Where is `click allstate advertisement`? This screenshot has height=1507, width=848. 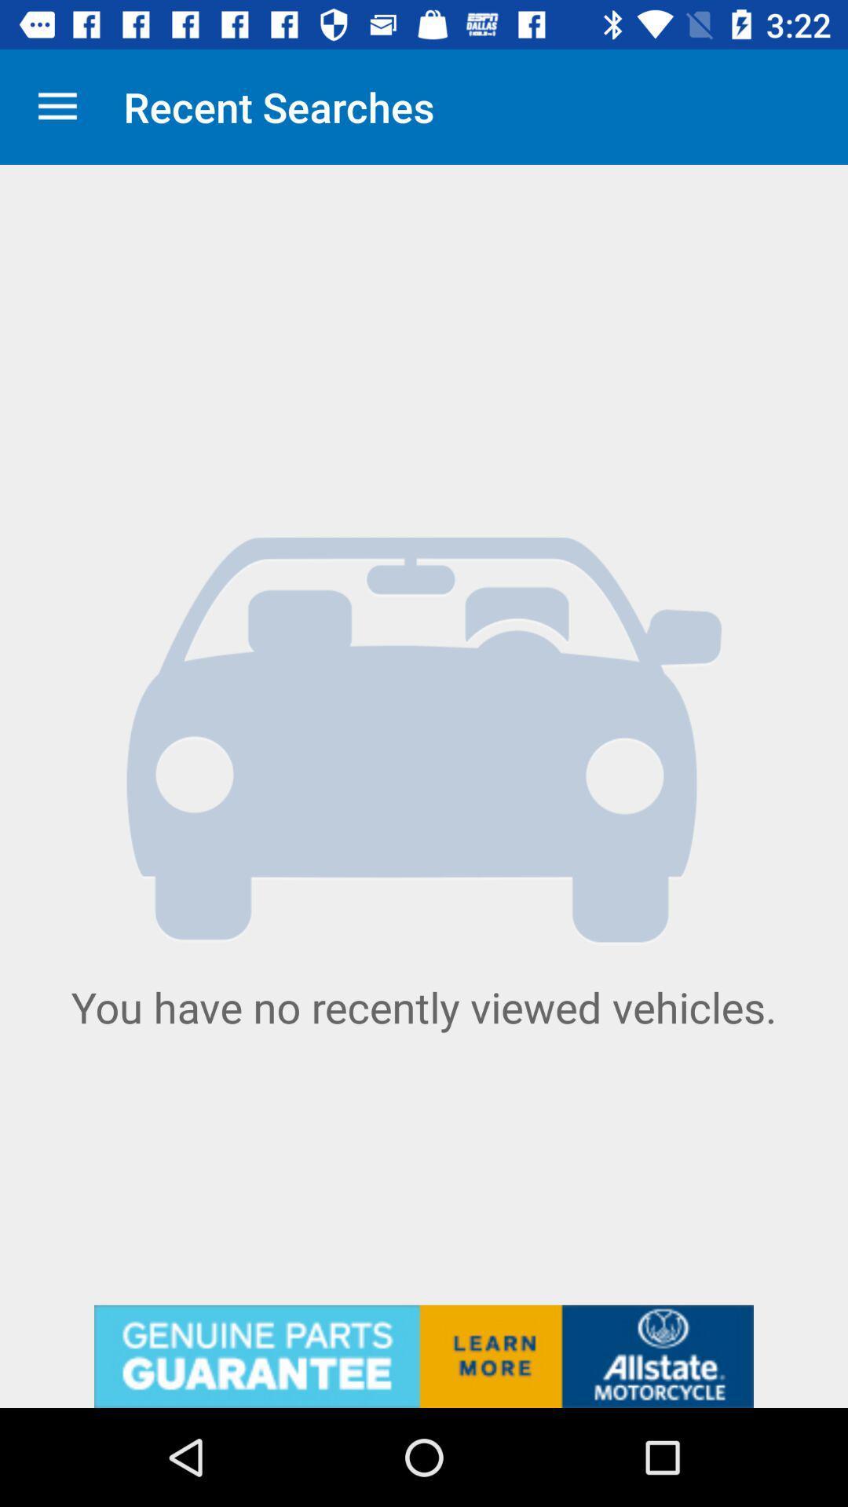 click allstate advertisement is located at coordinates (424, 1356).